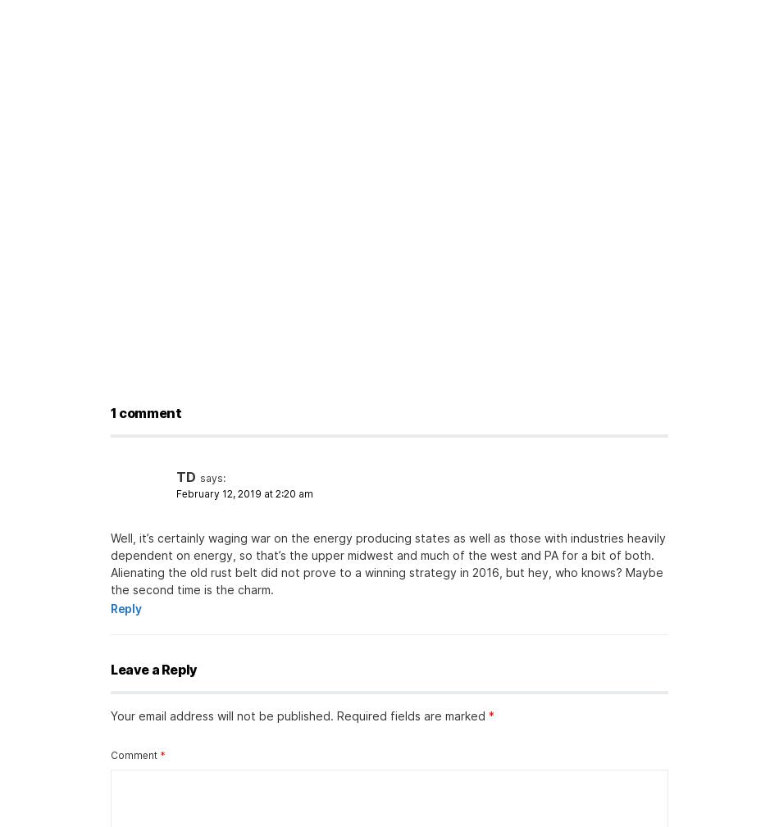  I want to click on 'Your email address will not be published.', so click(110, 716).